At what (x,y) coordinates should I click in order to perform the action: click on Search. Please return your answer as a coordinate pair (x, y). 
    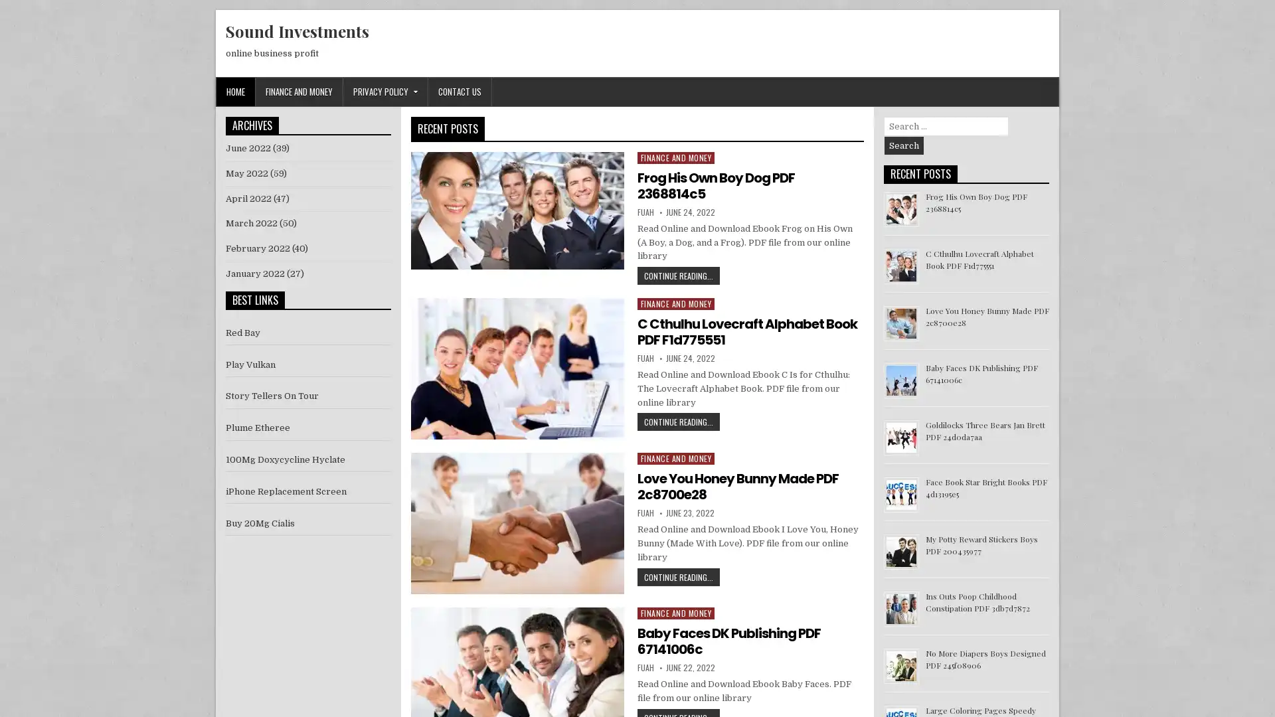
    Looking at the image, I should click on (903, 145).